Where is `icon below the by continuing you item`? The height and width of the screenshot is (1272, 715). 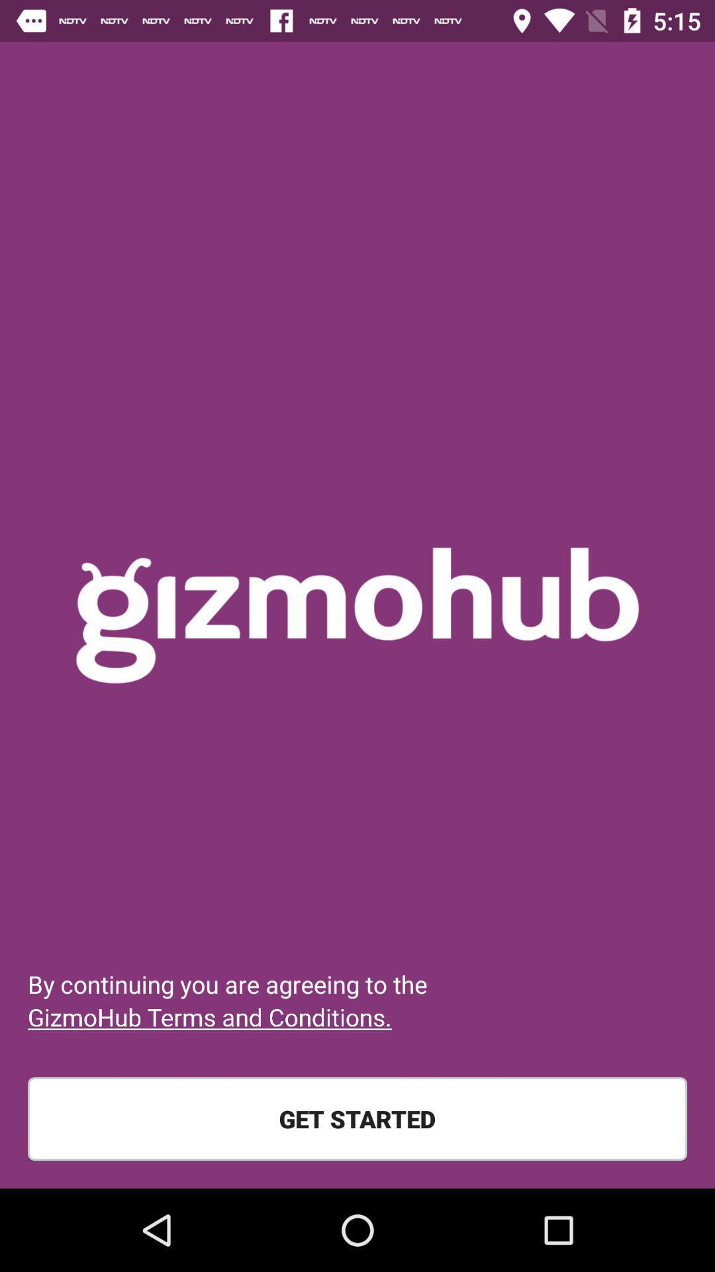 icon below the by continuing you item is located at coordinates (209, 1016).